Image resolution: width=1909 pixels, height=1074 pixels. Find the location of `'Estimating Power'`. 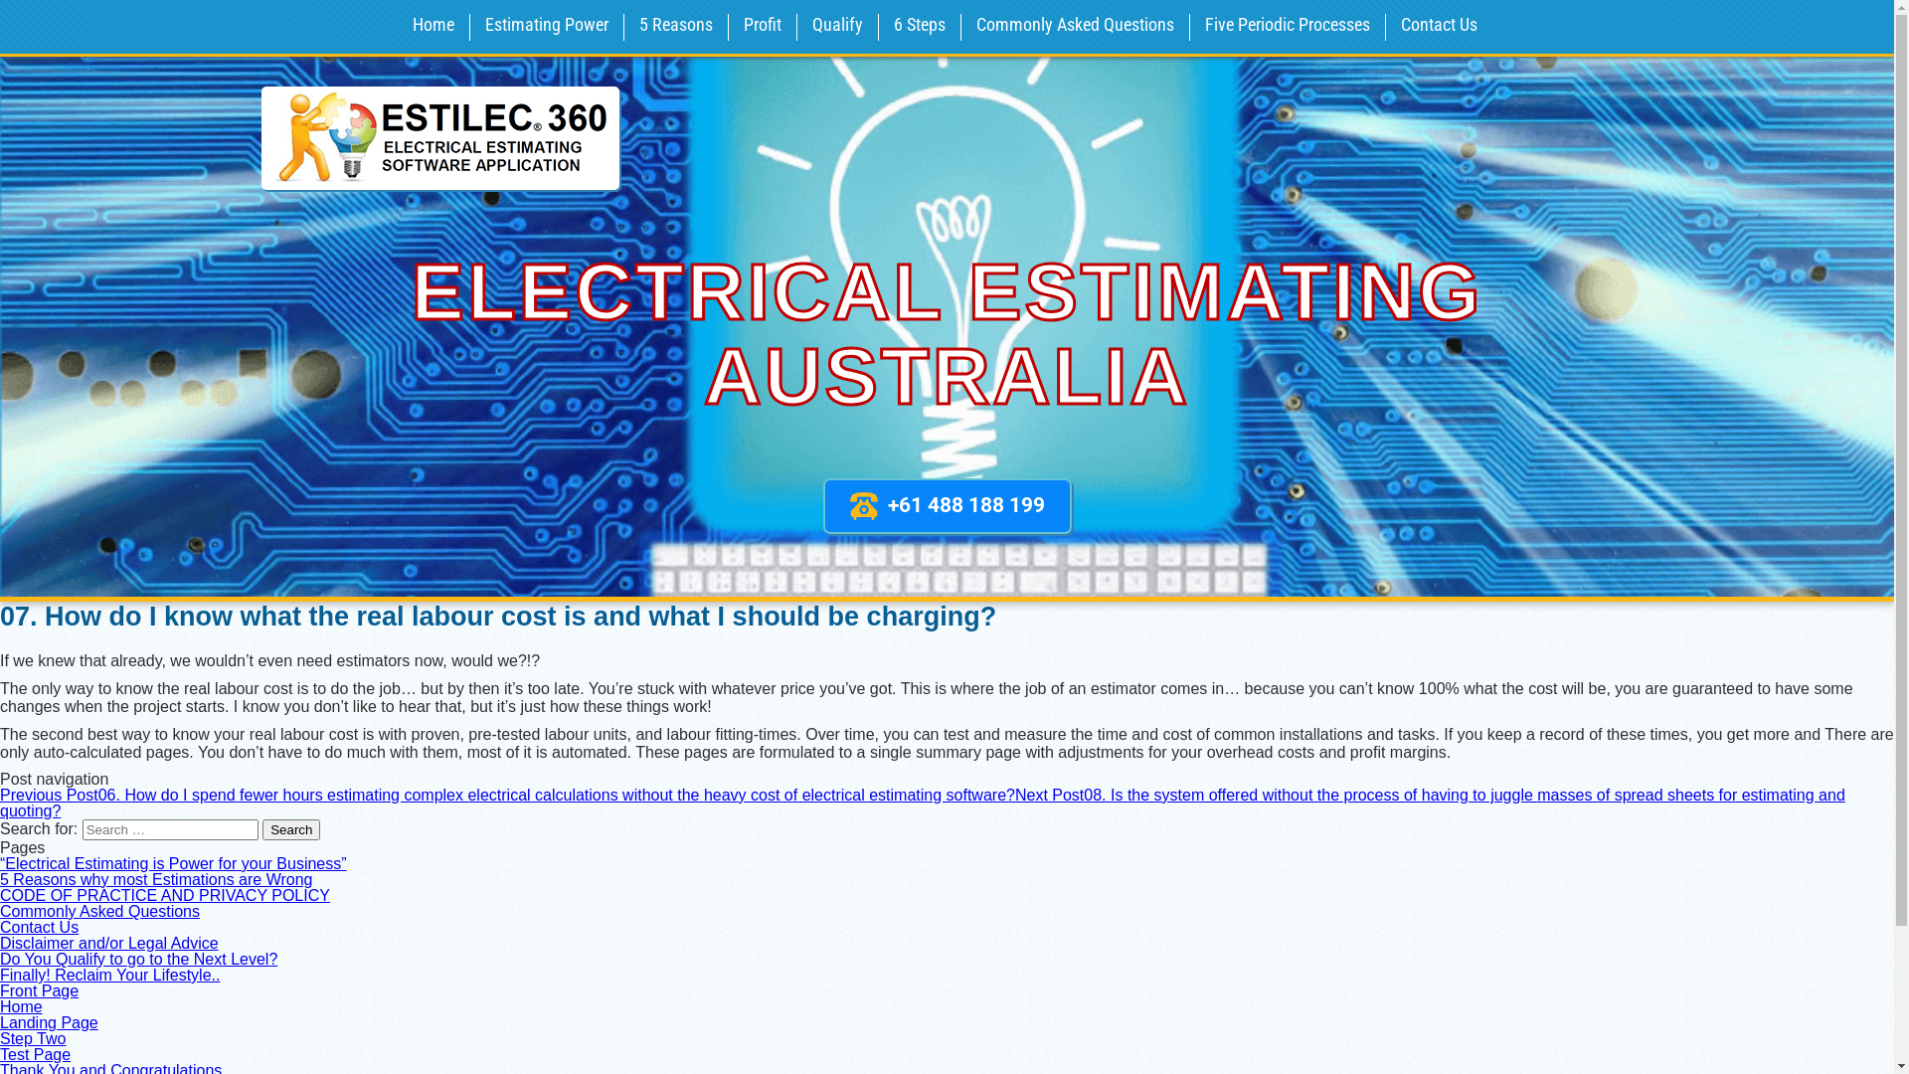

'Estimating Power' is located at coordinates (471, 27).